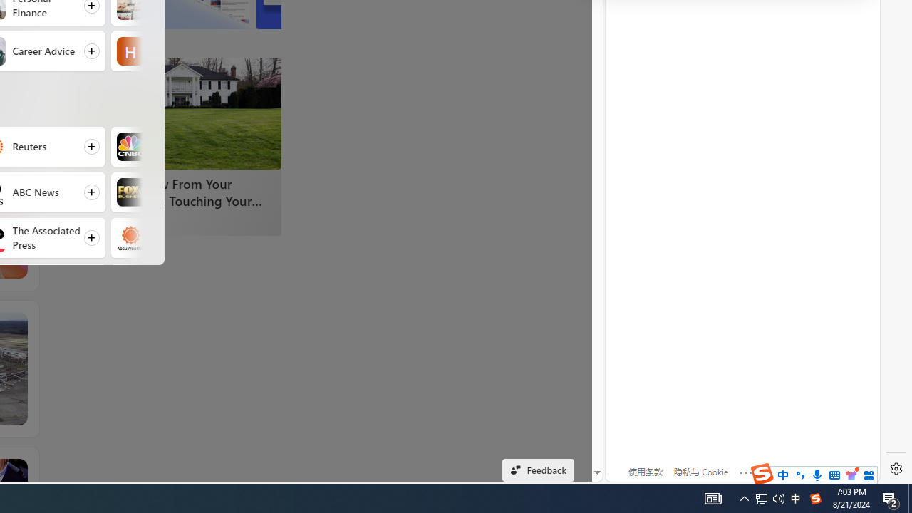 This screenshot has width=912, height=513. What do you see at coordinates (130, 237) in the screenshot?
I see `'AccuWeather'` at bounding box center [130, 237].